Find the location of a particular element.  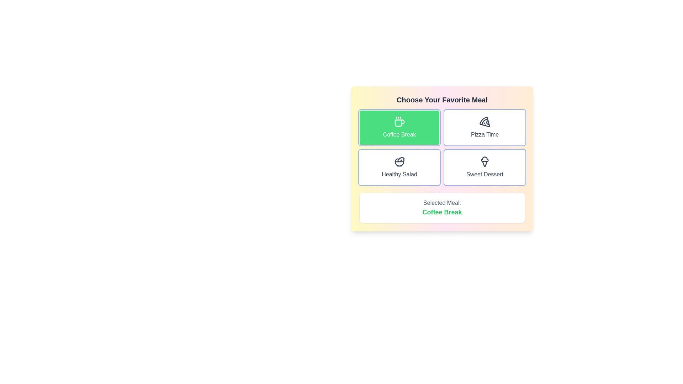

the button corresponding to the meal Coffee Break to select it is located at coordinates (399, 127).